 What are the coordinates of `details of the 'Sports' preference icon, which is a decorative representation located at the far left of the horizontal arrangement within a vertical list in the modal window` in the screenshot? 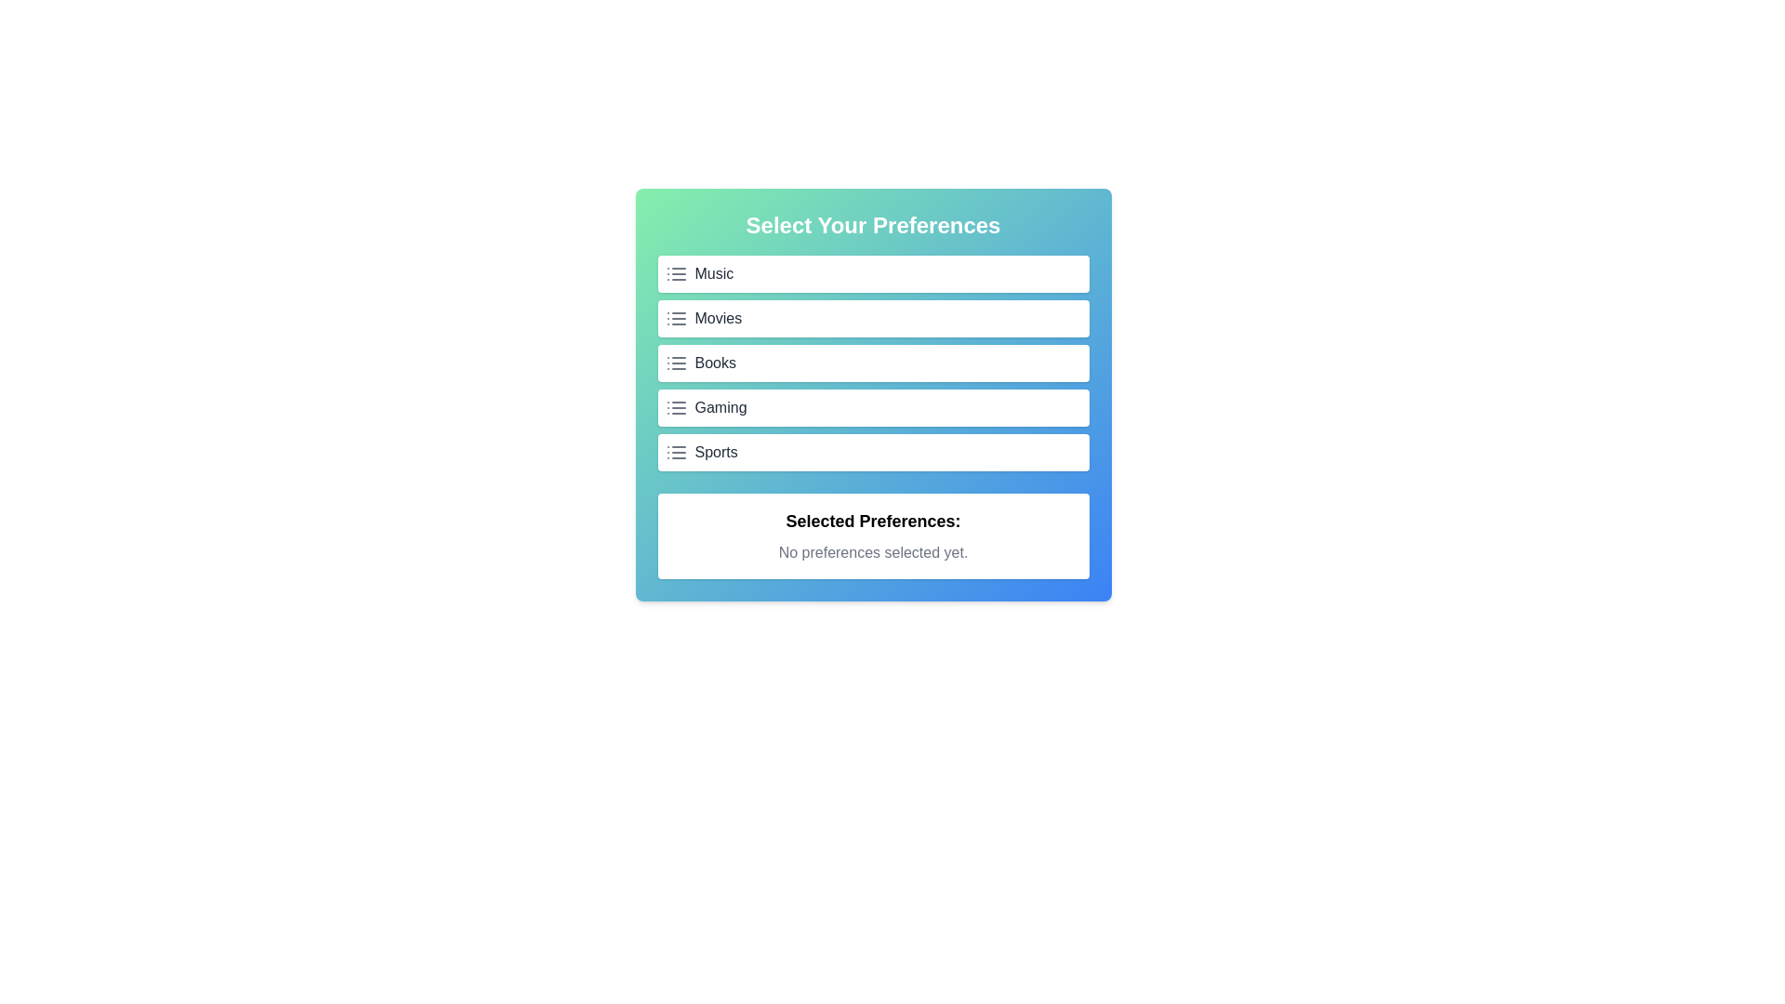 It's located at (675, 452).